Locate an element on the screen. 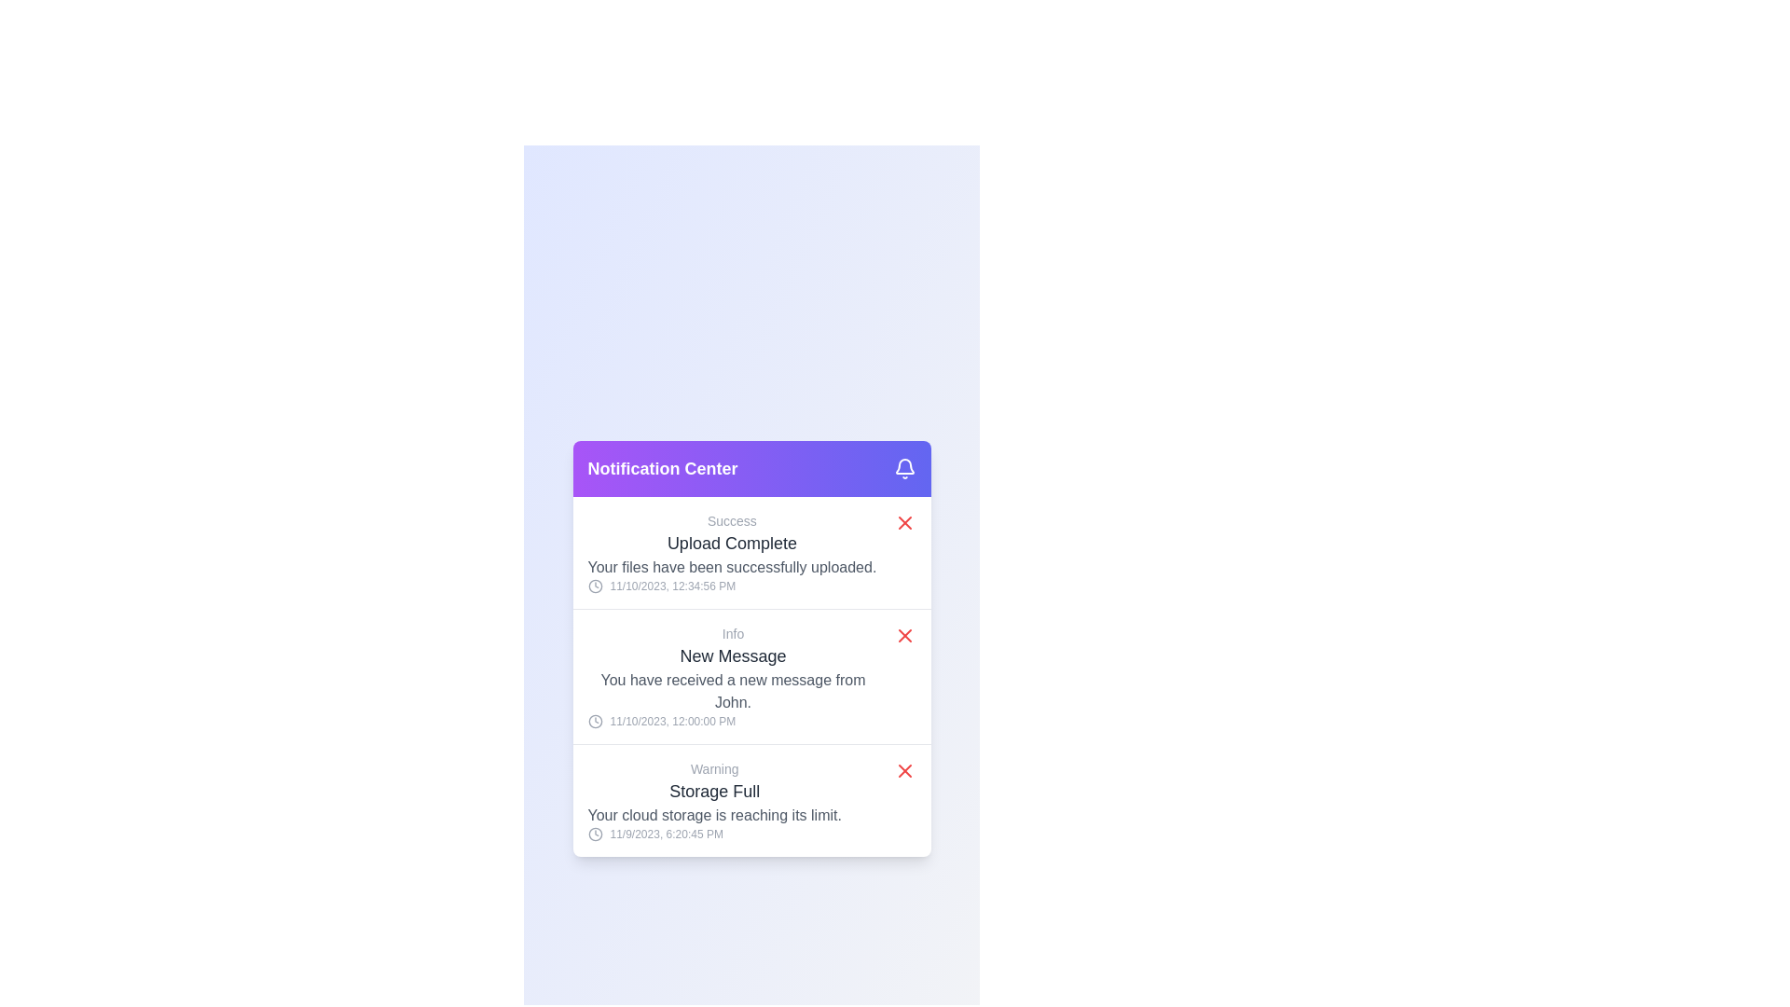 The image size is (1790, 1007). descriptive message indicating successful file upload, which is positioned below 'Upload Complete' and above the timestamp in the notification card is located at coordinates (731, 567).